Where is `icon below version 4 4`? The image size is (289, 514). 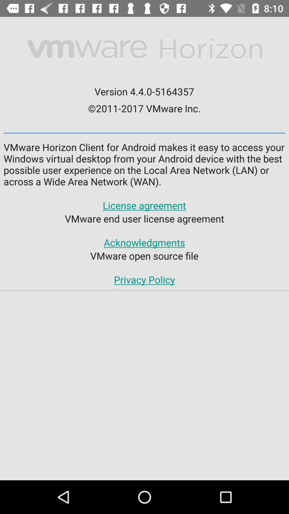 icon below version 4 4 is located at coordinates (144, 108).